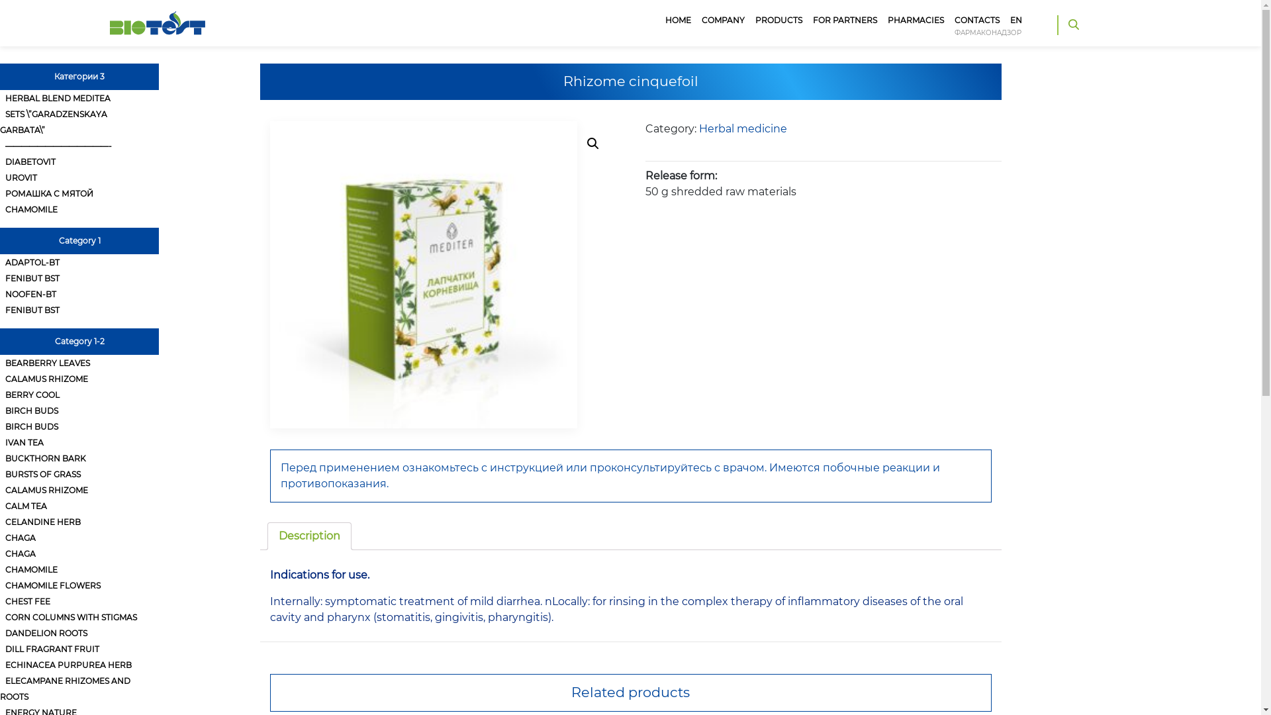 Image resolution: width=1271 pixels, height=715 pixels. I want to click on 'CONTACTS', so click(977, 20).